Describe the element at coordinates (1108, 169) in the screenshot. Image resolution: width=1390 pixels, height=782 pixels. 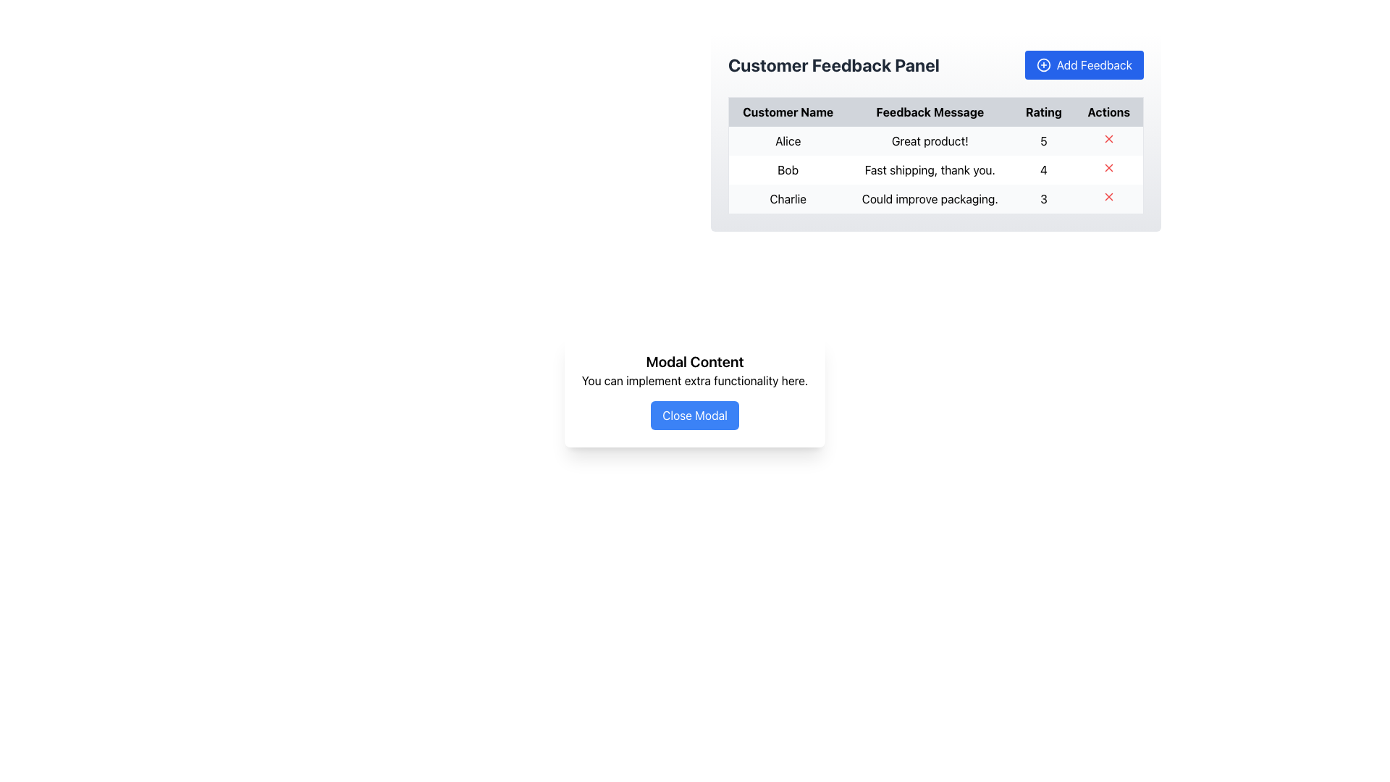
I see `the red 'X' icon button in the 'Actions' column of the table row associated with user 'Bob'` at that location.